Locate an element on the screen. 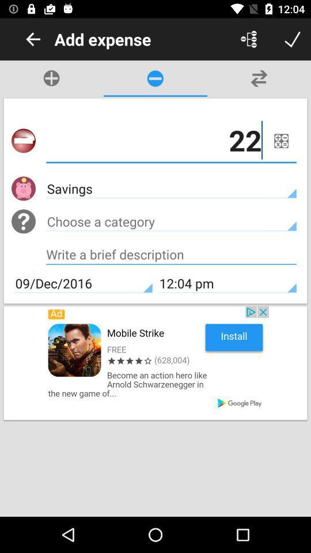 Image resolution: width=311 pixels, height=553 pixels. menu is located at coordinates (248, 39).